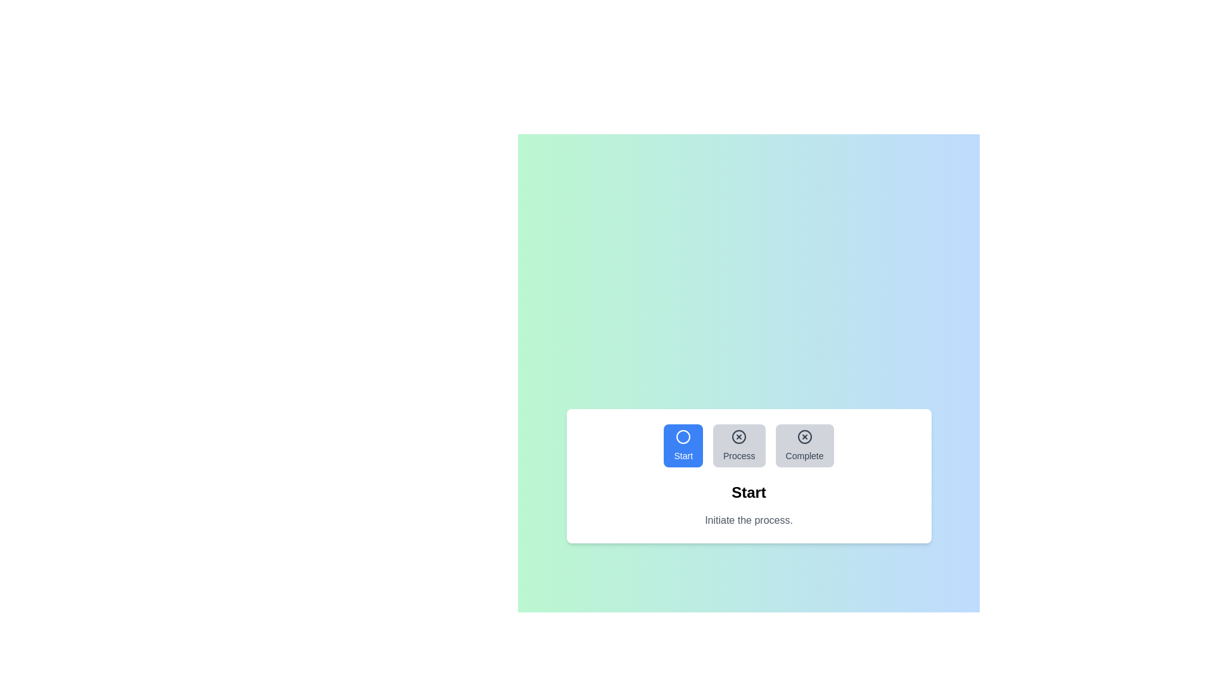 Image resolution: width=1216 pixels, height=684 pixels. What do you see at coordinates (739, 436) in the screenshot?
I see `the 'X' icon within the 'Process' button, which serves as an indicator for cancellation or closing functionality` at bounding box center [739, 436].